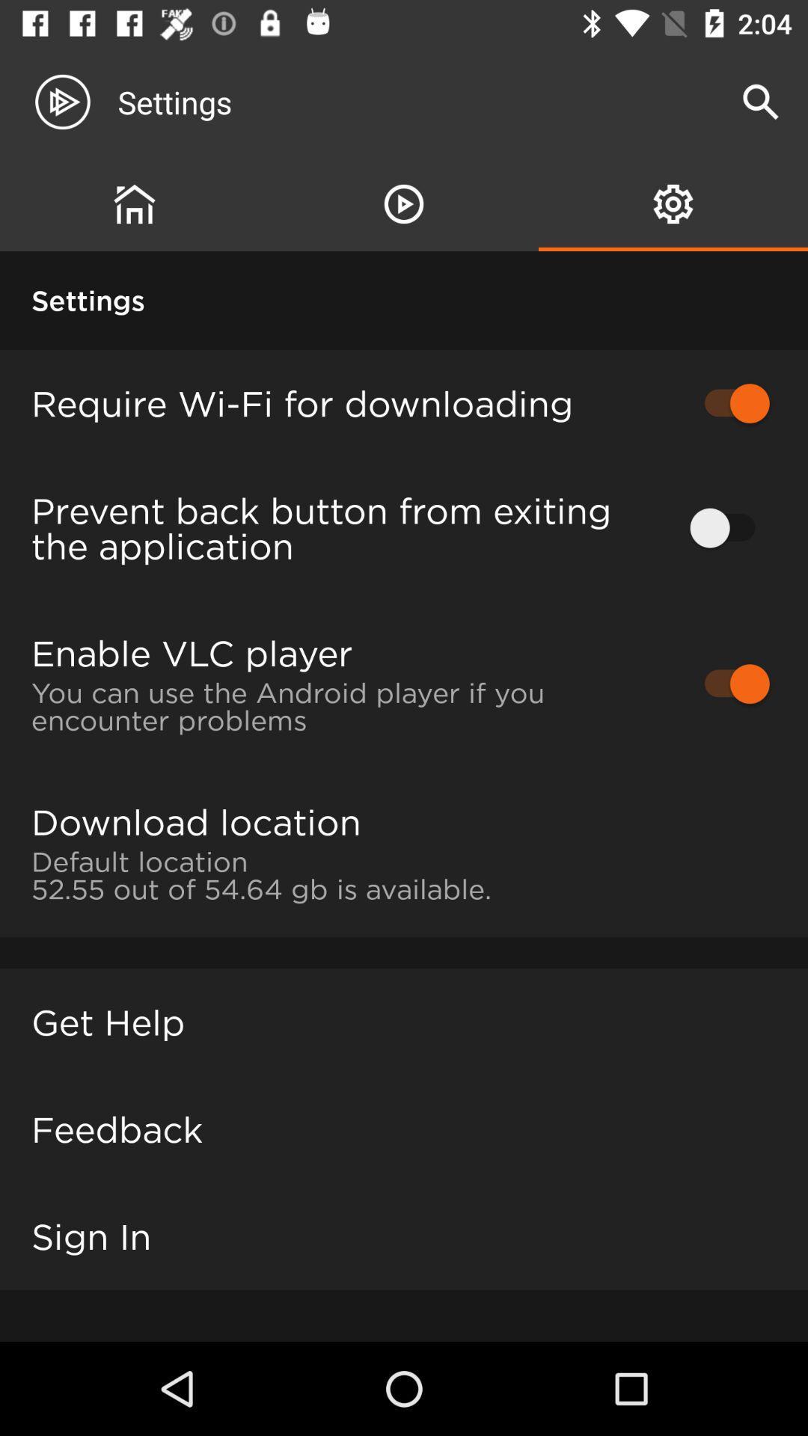 The image size is (808, 1436). Describe the element at coordinates (729, 403) in the screenshot. I see `item to the right of the require wi fi item` at that location.